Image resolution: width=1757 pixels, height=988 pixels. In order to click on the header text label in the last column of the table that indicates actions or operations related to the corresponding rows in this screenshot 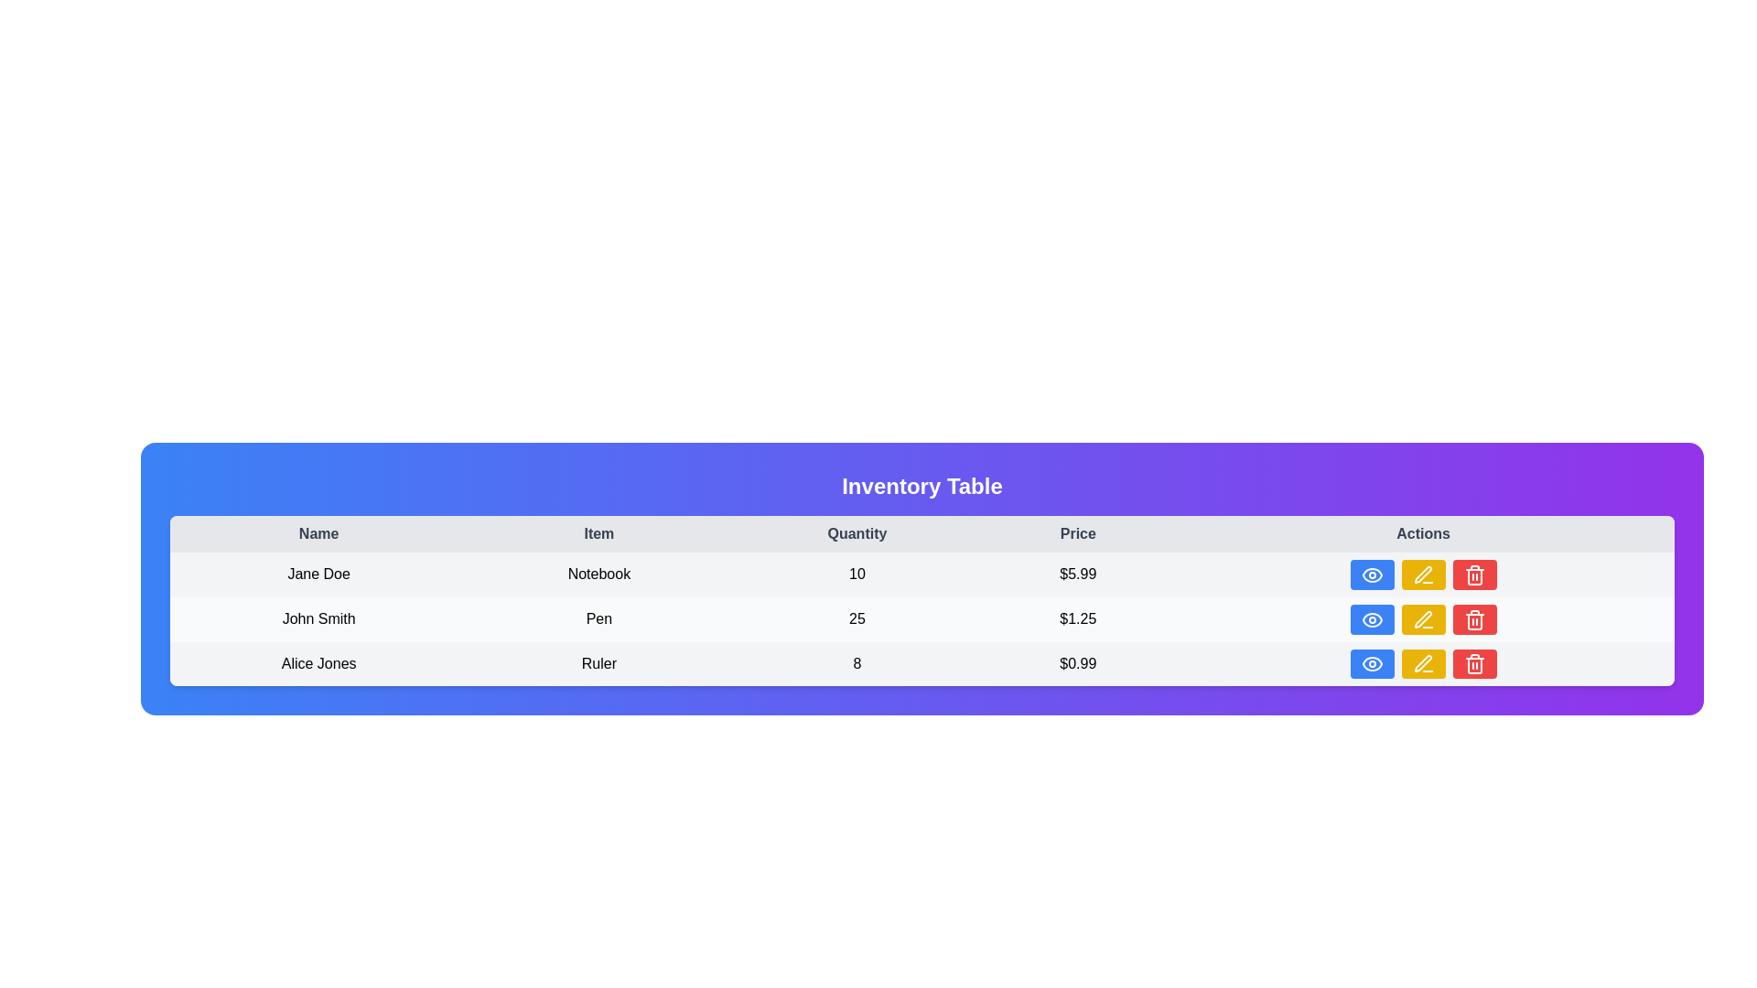, I will do `click(1422, 533)`.